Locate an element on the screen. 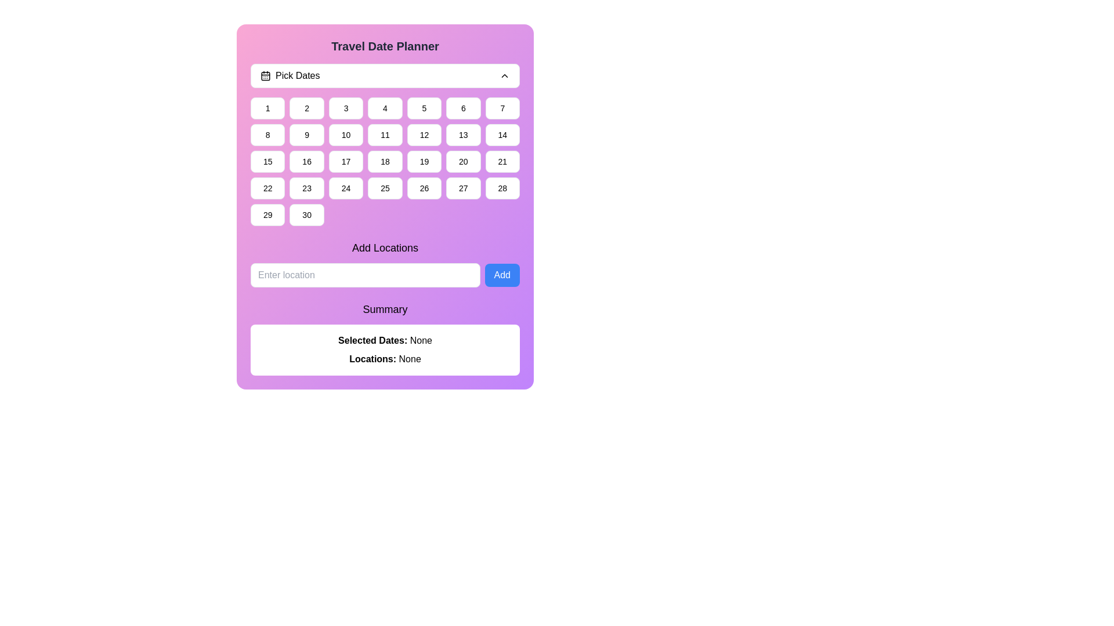 This screenshot has width=1114, height=626. the button representing the date '21' in the calendar interface is located at coordinates (502, 161).